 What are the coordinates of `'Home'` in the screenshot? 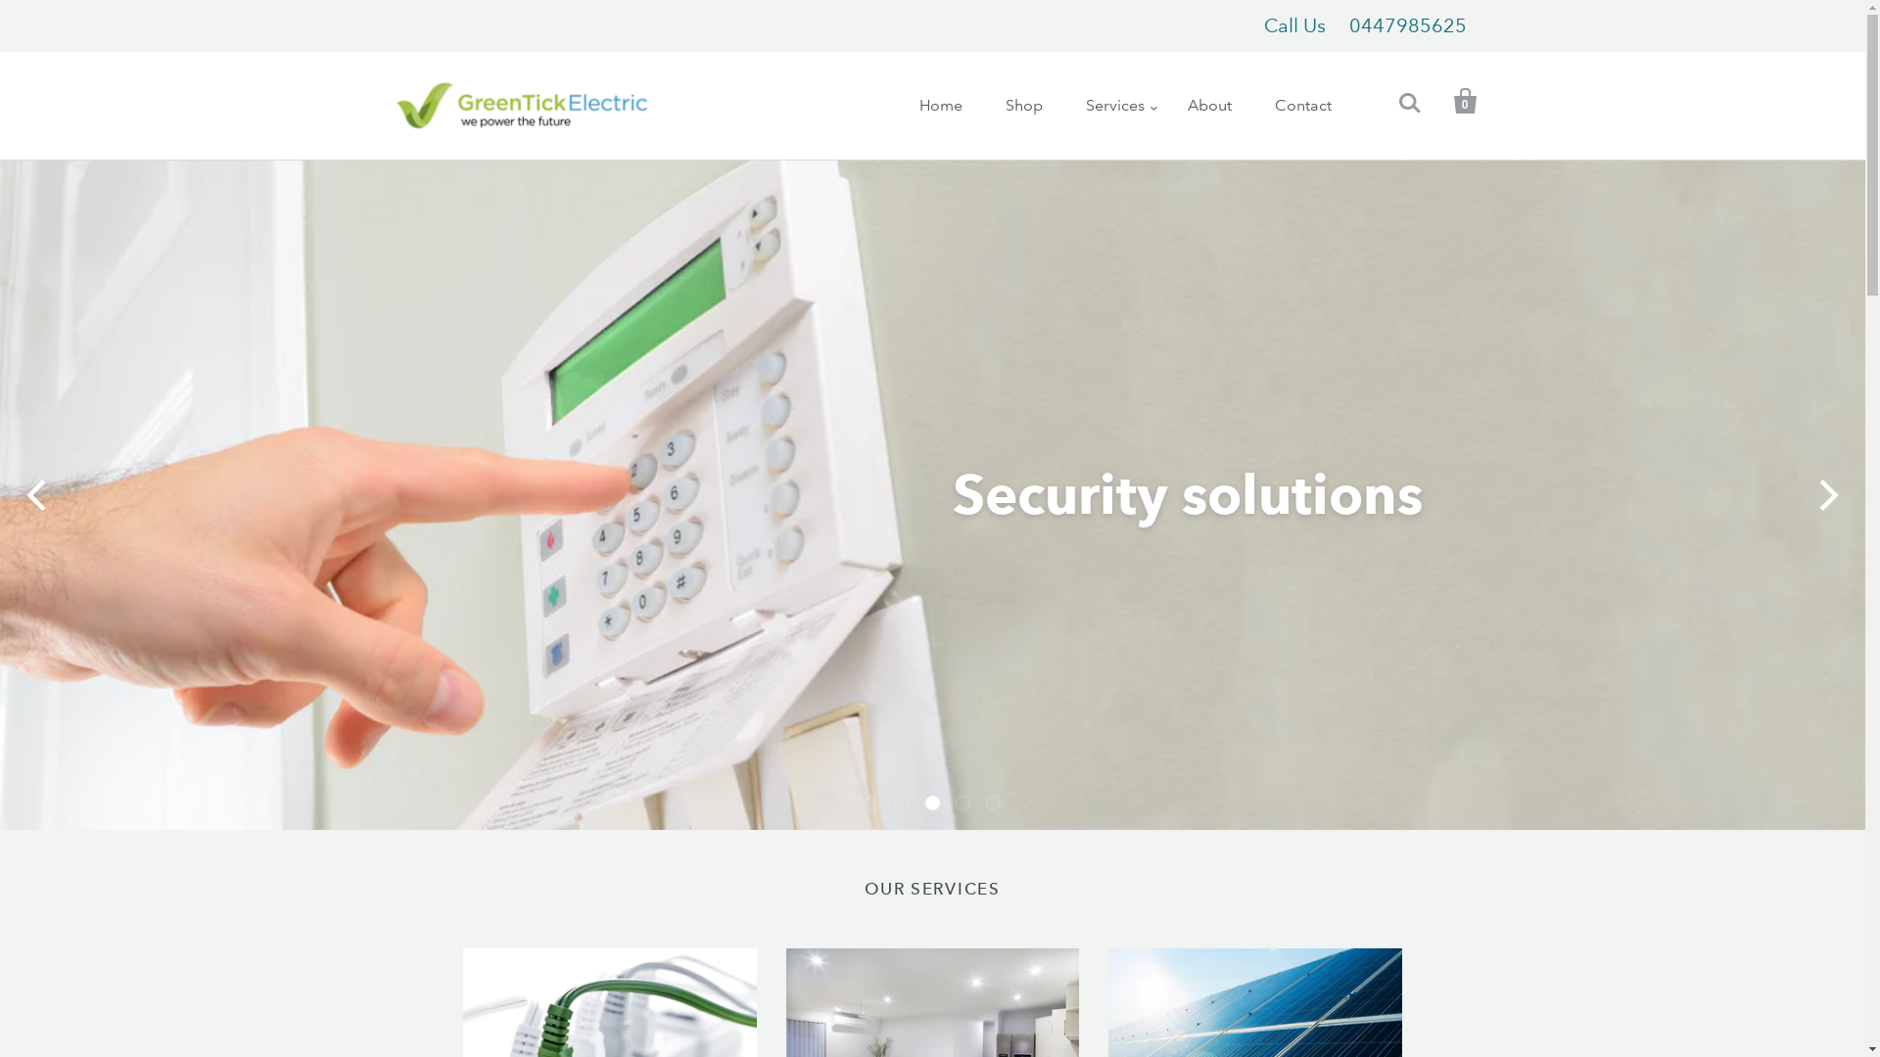 It's located at (897, 104).